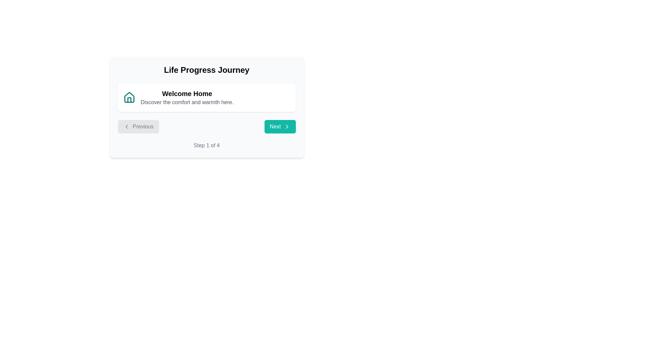 This screenshot has height=364, width=647. Describe the element at coordinates (187, 97) in the screenshot. I see `the welcome message displayed in the central text block, which consists of a title and a subtitle description introducing the content of the page` at that location.